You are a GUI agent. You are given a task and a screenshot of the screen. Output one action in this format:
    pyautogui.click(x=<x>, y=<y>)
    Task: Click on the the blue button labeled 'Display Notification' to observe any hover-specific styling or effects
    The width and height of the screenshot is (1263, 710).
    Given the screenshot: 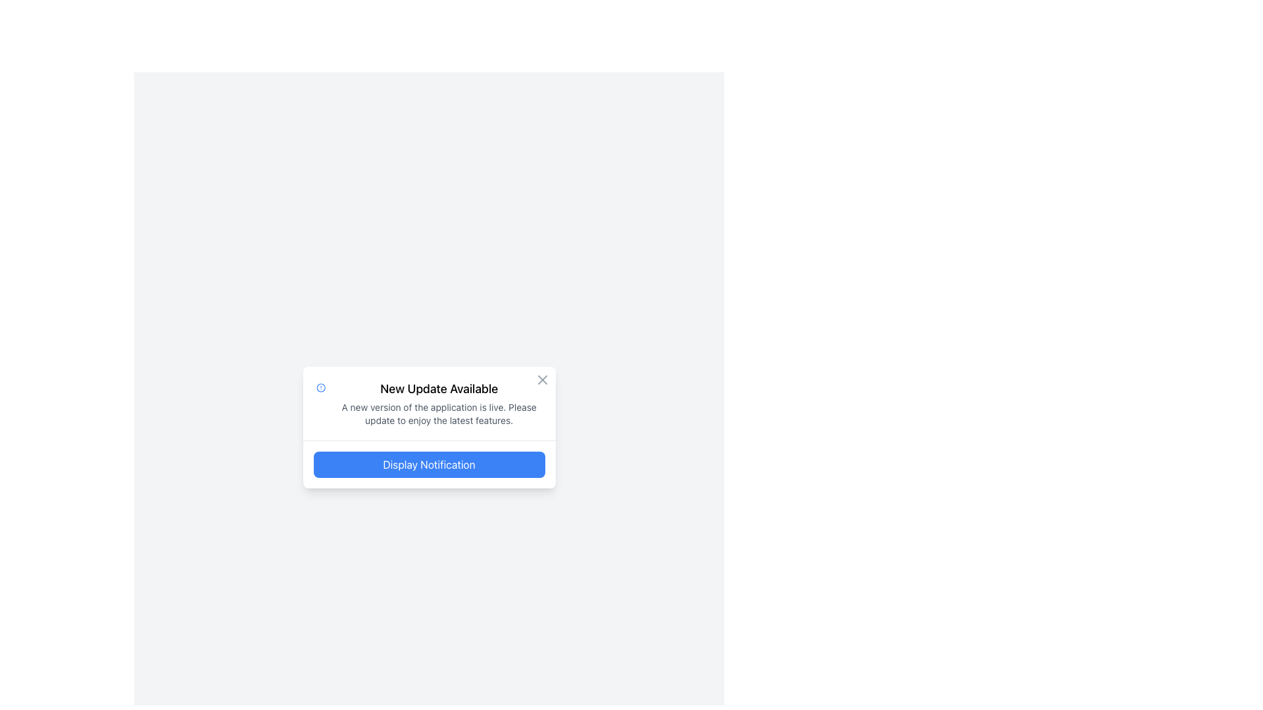 What is the action you would take?
    pyautogui.click(x=429, y=463)
    